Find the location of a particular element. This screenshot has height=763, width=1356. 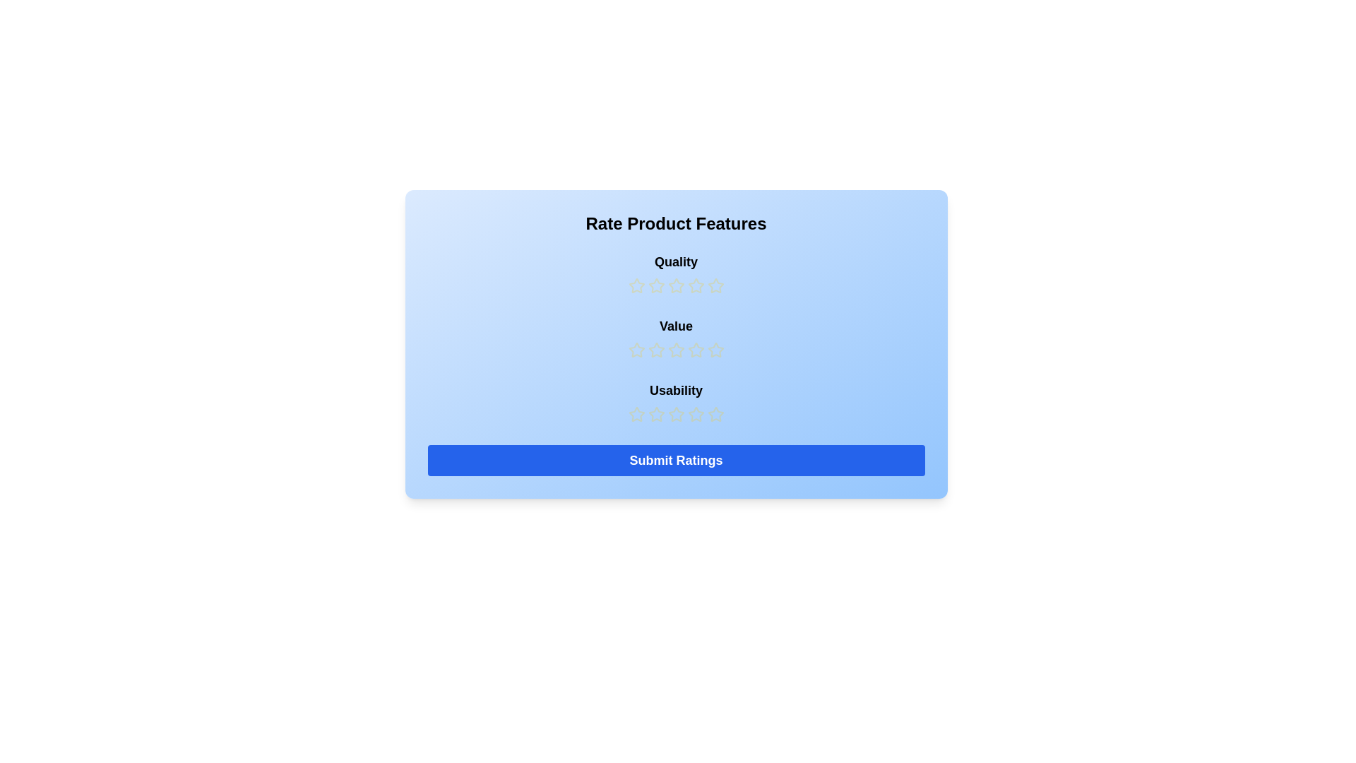

the star corresponding to the 1 rating for 'Value' is located at coordinates (636, 350).